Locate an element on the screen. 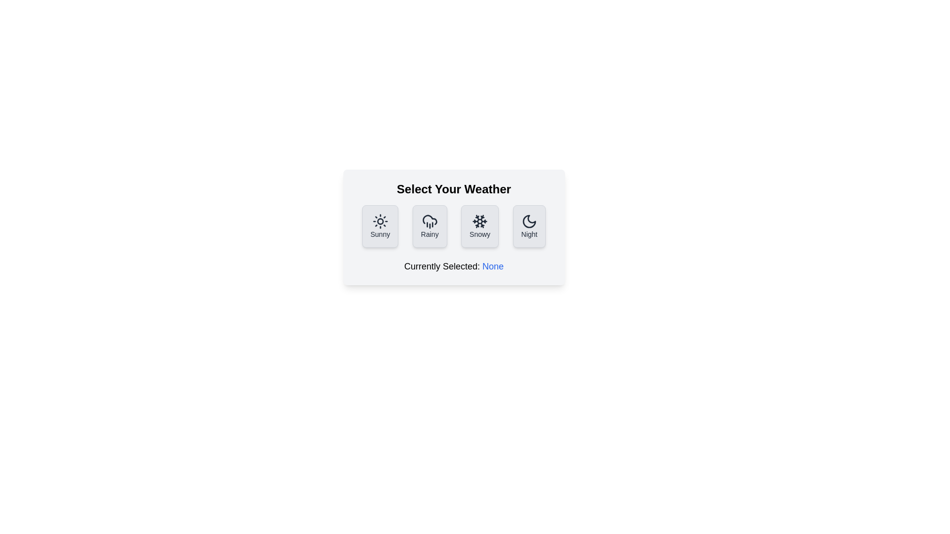  the sun icon, which is a minimalist SVG graphic with a circular center and radiating lines, located in the top section of the weather options labeled 'Sunny' is located at coordinates (380, 221).